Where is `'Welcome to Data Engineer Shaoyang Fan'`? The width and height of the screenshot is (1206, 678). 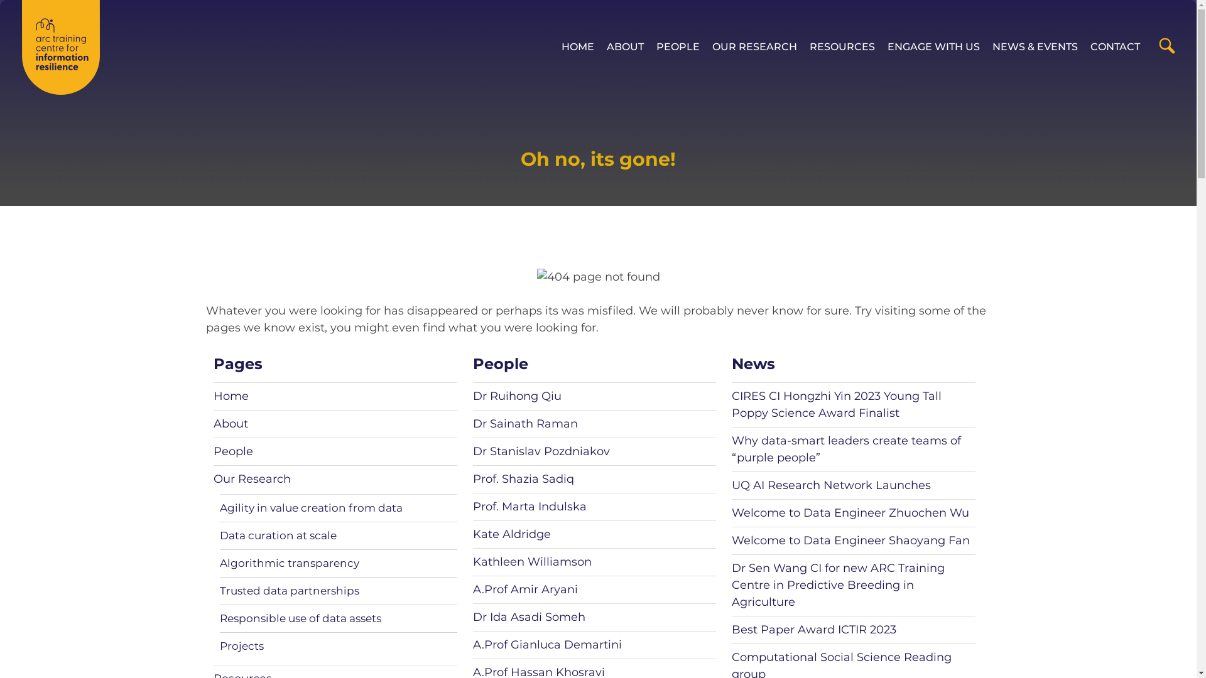 'Welcome to Data Engineer Shaoyang Fan' is located at coordinates (850, 539).